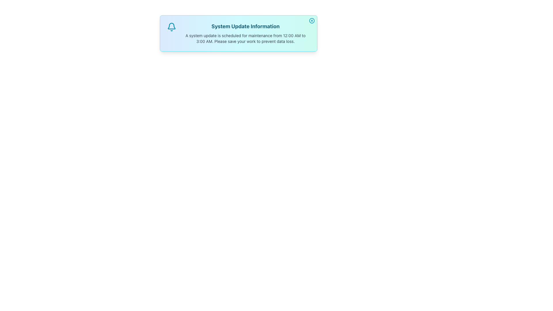  I want to click on the gray text label explaining the scheduled system update, located under the 'System Update Information' heading within a light blue notification card, so click(245, 39).